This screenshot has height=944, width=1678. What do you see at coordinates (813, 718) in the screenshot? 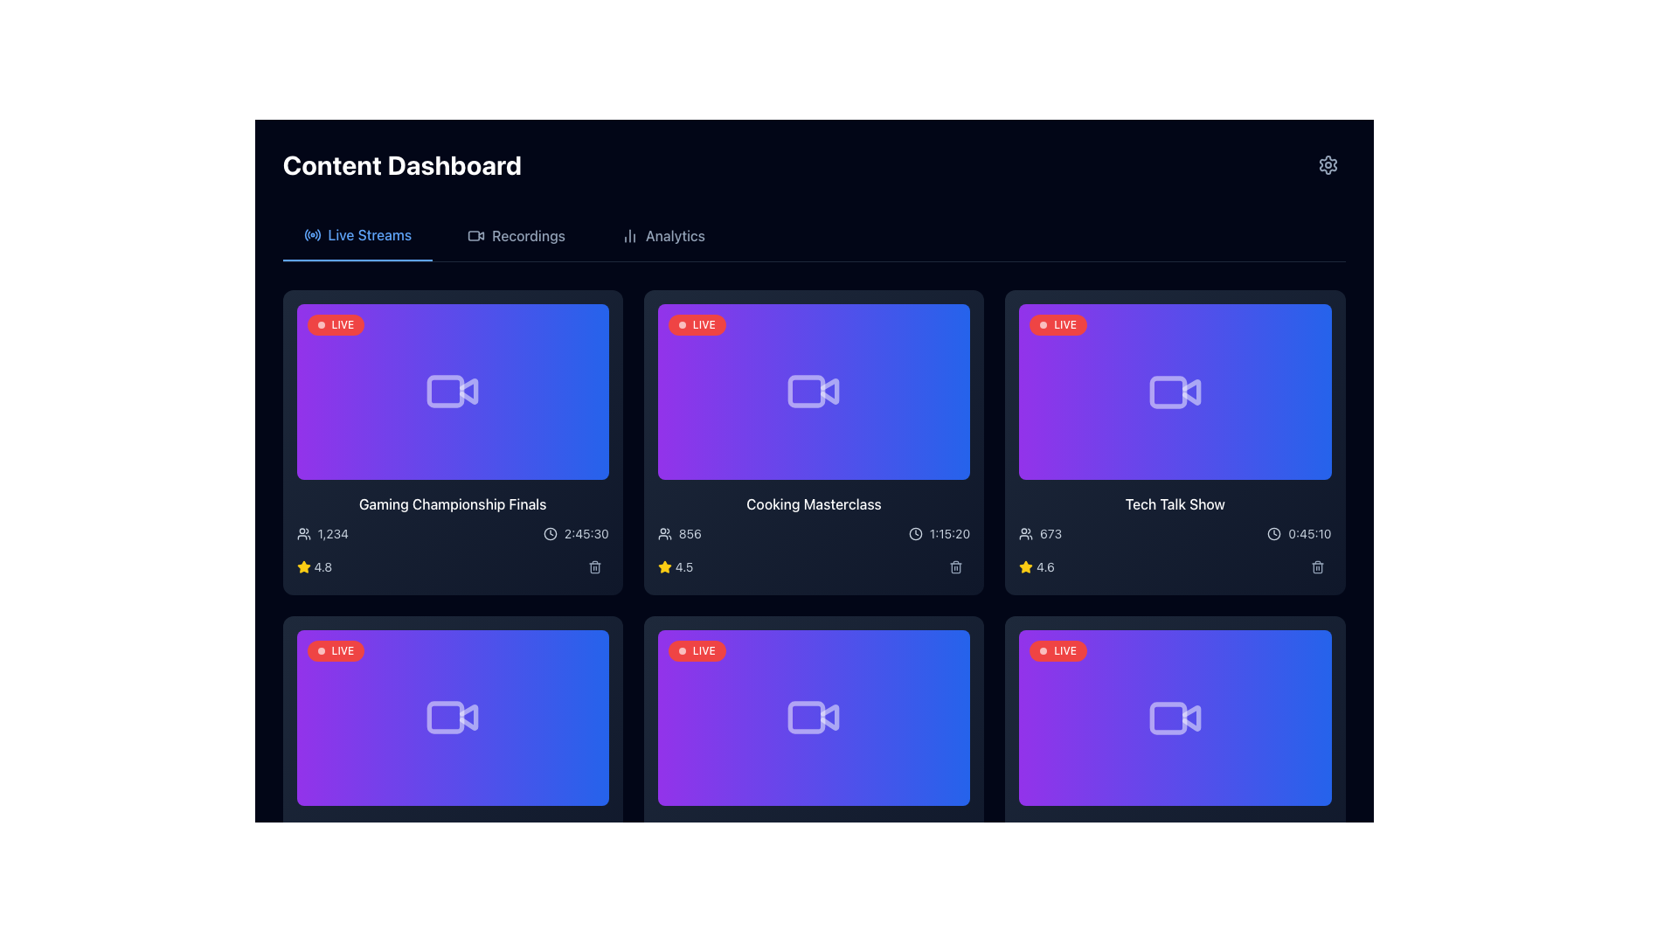
I see `the video-related feature icon located in the center of the bottom-middle card of the content dashboard, which has a 'LIVE' label in the top-left corner` at bounding box center [813, 718].